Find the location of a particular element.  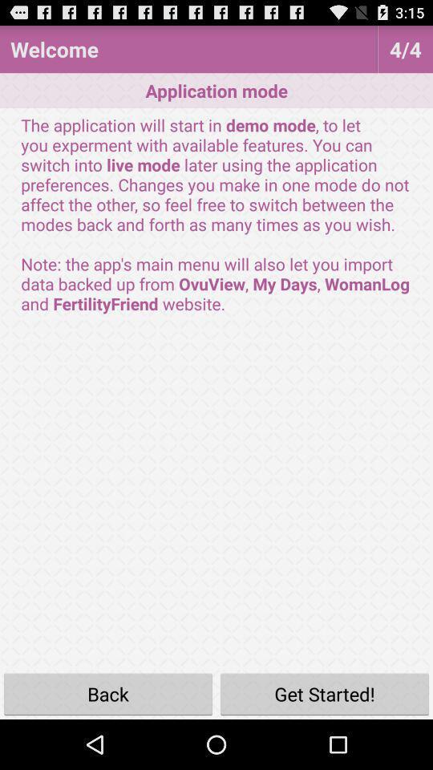

icon to the right of the back button is located at coordinates (325, 693).